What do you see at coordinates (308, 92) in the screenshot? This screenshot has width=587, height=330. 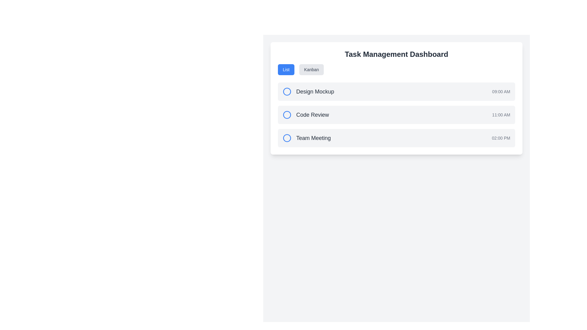 I see `informational label text located in the first item of a vertical list layout, positioned to the left of the time indicator '09:00 AM'` at bounding box center [308, 92].